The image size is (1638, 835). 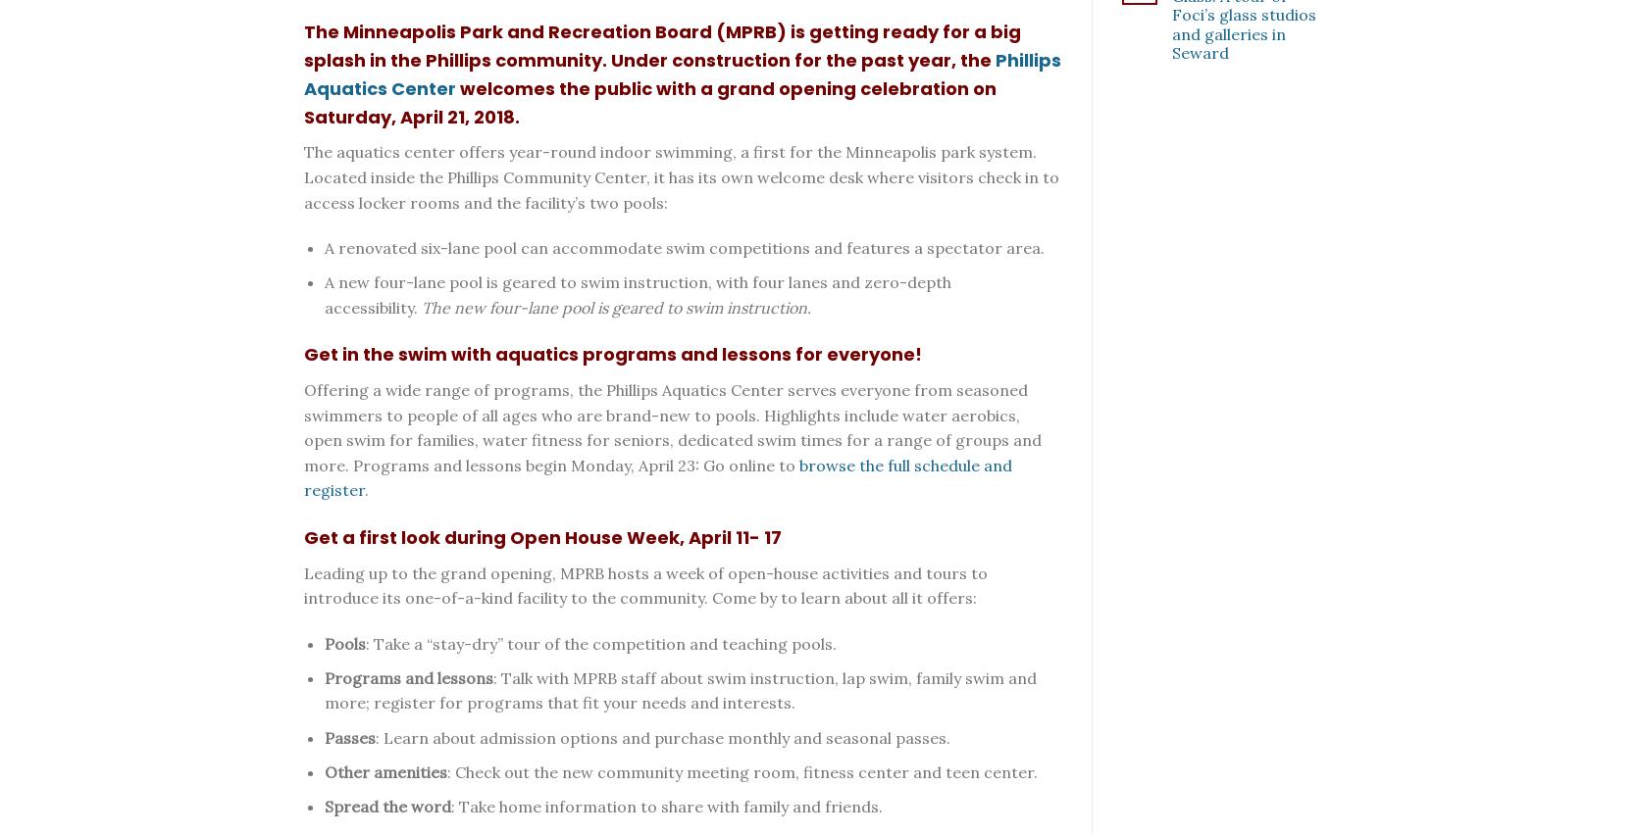 I want to click on 'Get a first look during Open House Week, April 11- 17', so click(x=542, y=536).